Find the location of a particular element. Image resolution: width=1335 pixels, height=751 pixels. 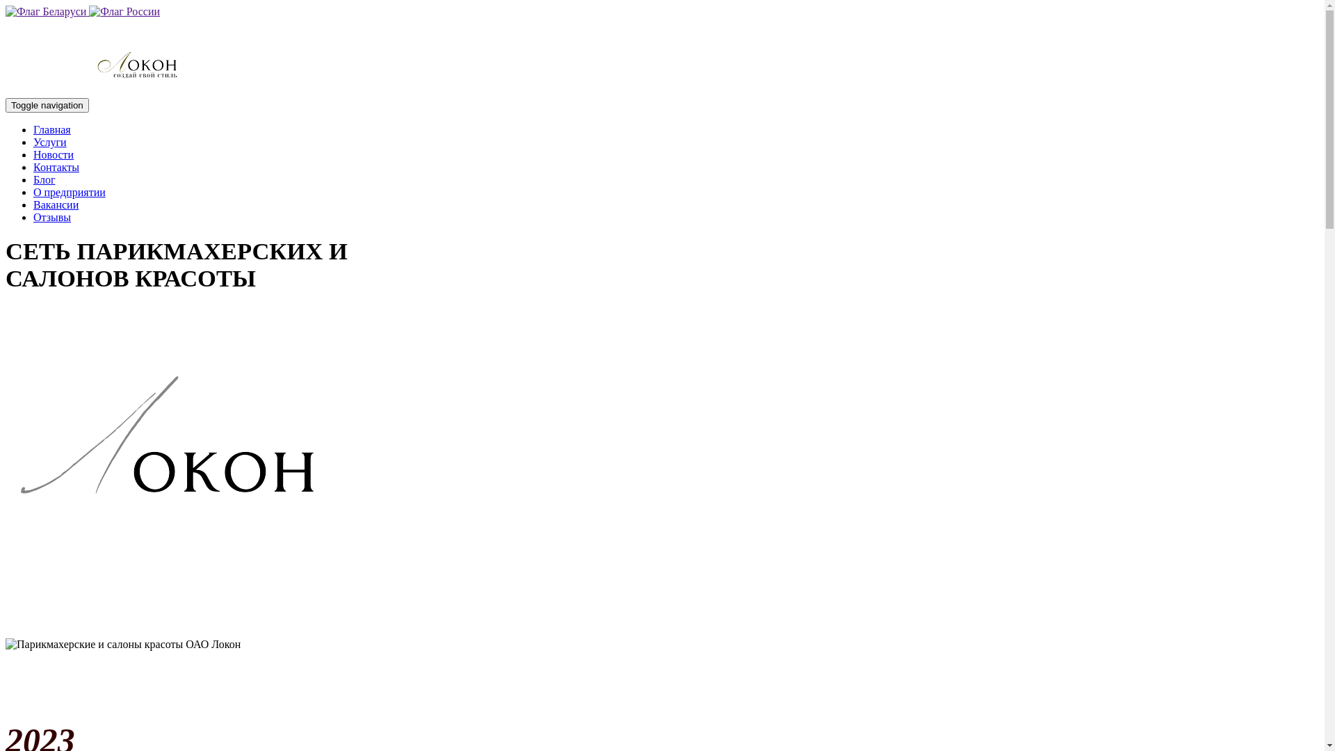

'Toggle navigation' is located at coordinates (47, 104).